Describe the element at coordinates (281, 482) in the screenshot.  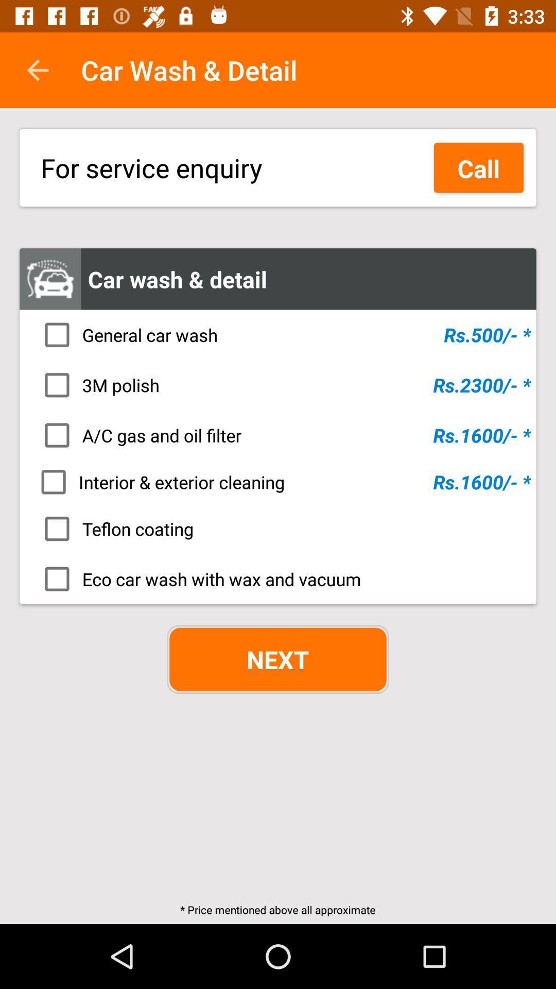
I see `the item above the teflon coating` at that location.